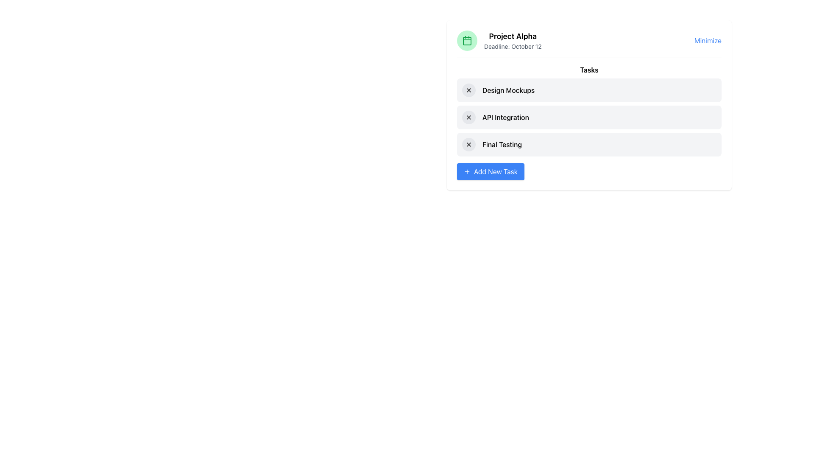 The height and width of the screenshot is (458, 814). I want to click on the background rectangle of the calendar icon associated with 'Project Alpha' located at the top-left corner of the project information card, so click(467, 41).